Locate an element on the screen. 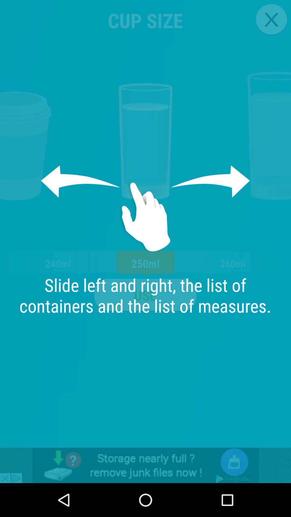  remove junk files is located at coordinates (145, 465).